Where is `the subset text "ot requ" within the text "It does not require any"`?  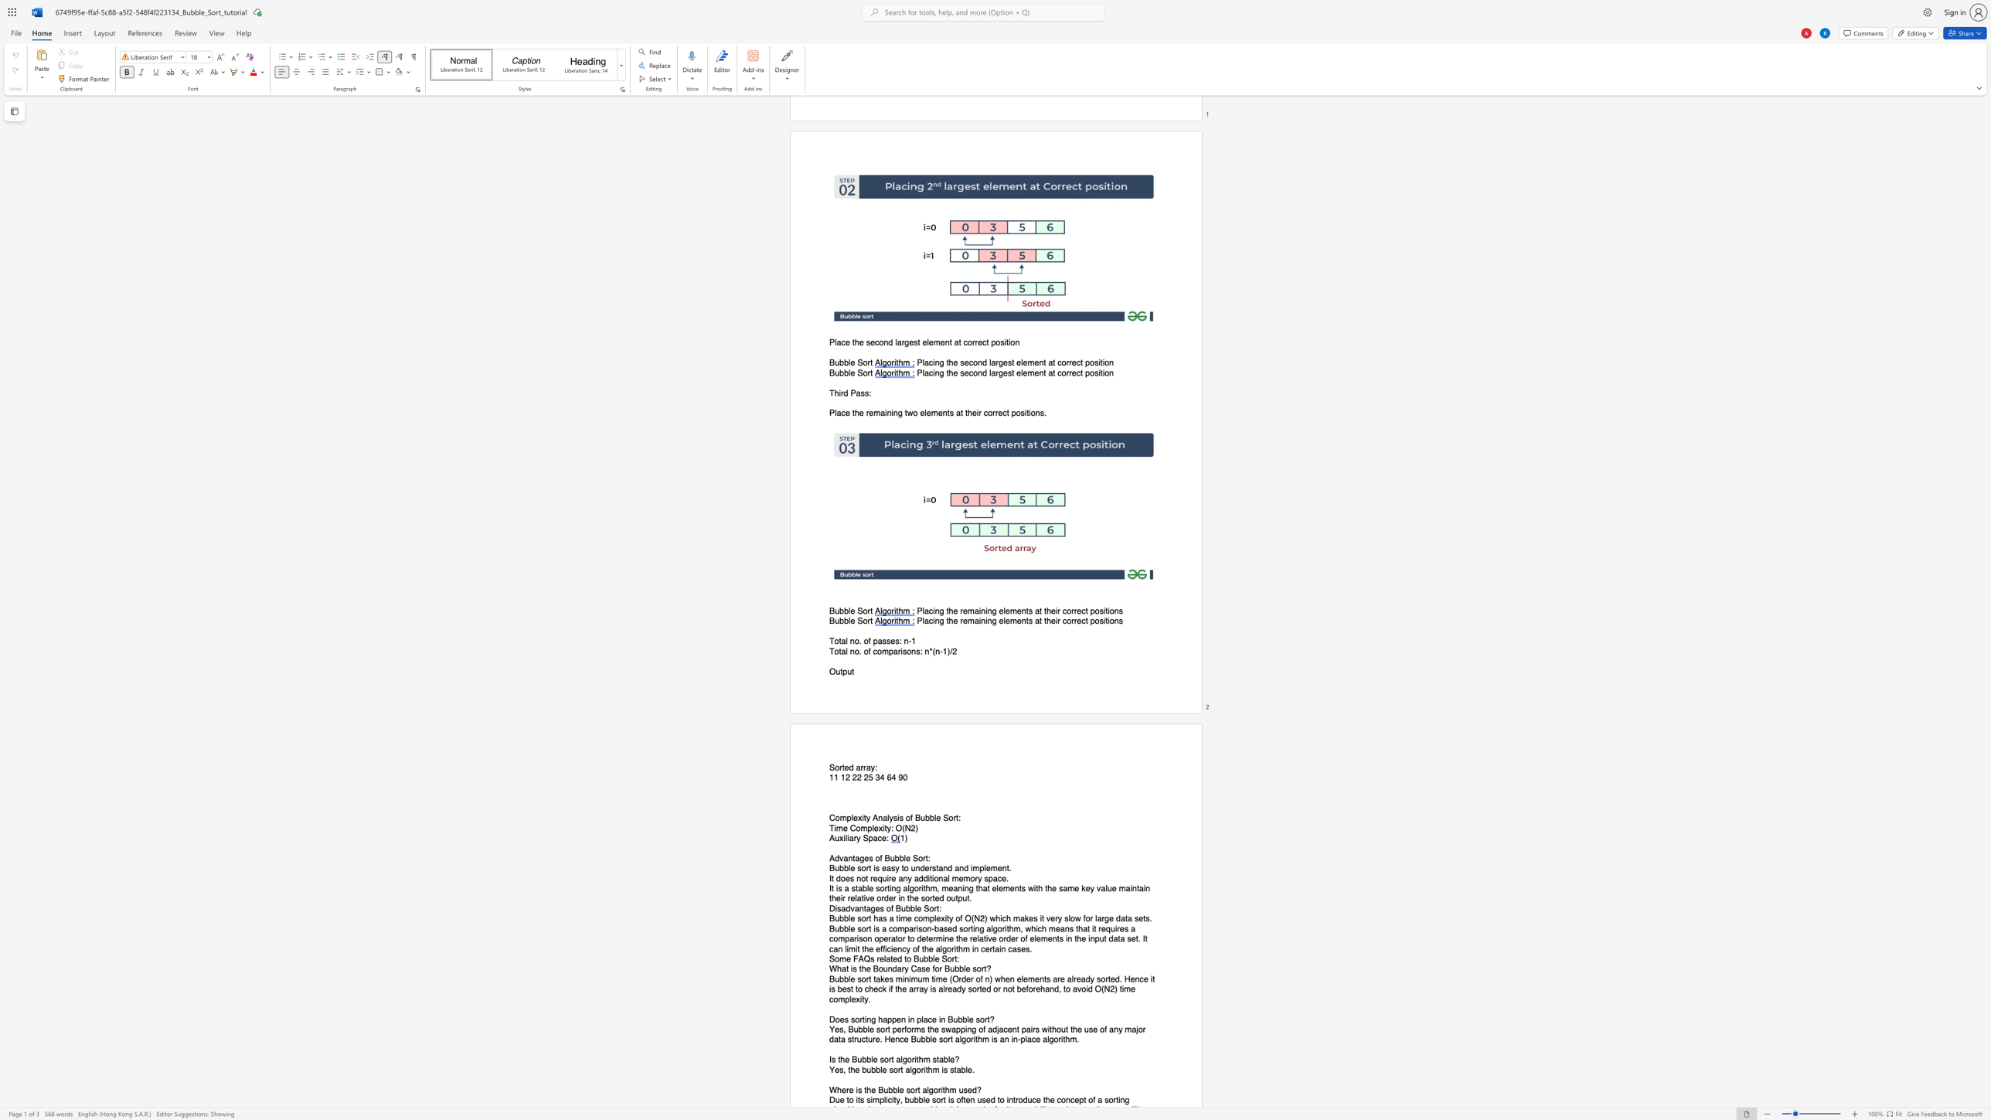
the subset text "ot requ" within the text "It does not require any" is located at coordinates (861, 878).